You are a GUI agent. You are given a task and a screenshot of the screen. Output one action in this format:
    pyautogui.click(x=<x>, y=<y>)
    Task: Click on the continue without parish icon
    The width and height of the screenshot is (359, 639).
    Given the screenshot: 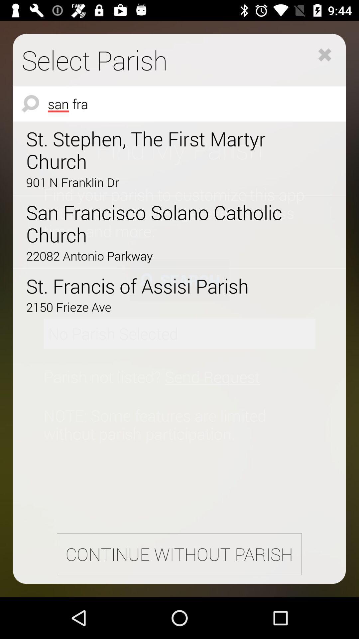 What is the action you would take?
    pyautogui.click(x=179, y=554)
    